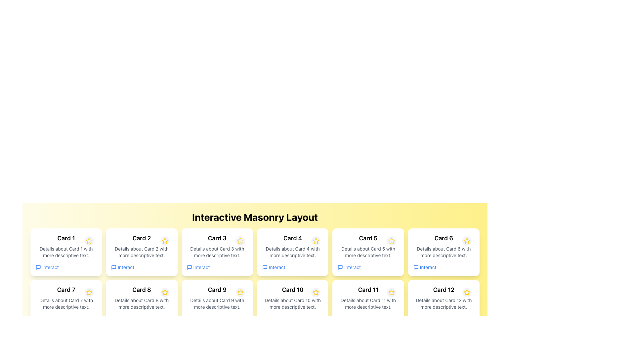 Image resolution: width=635 pixels, height=357 pixels. Describe the element at coordinates (316, 293) in the screenshot. I see `the star-shaped icon with a yellow outline located in the top-right corner of 'Card 10'` at that location.